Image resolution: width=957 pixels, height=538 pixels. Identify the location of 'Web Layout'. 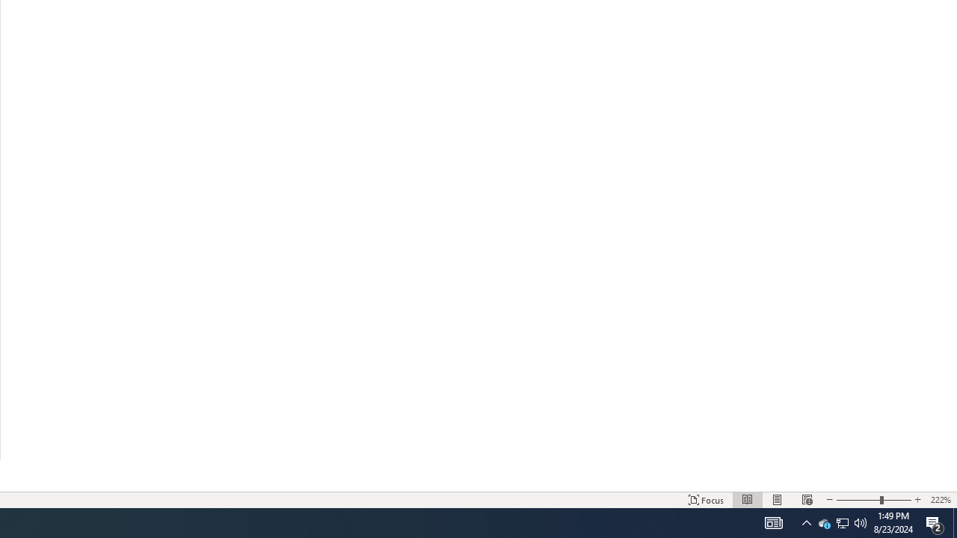
(806, 500).